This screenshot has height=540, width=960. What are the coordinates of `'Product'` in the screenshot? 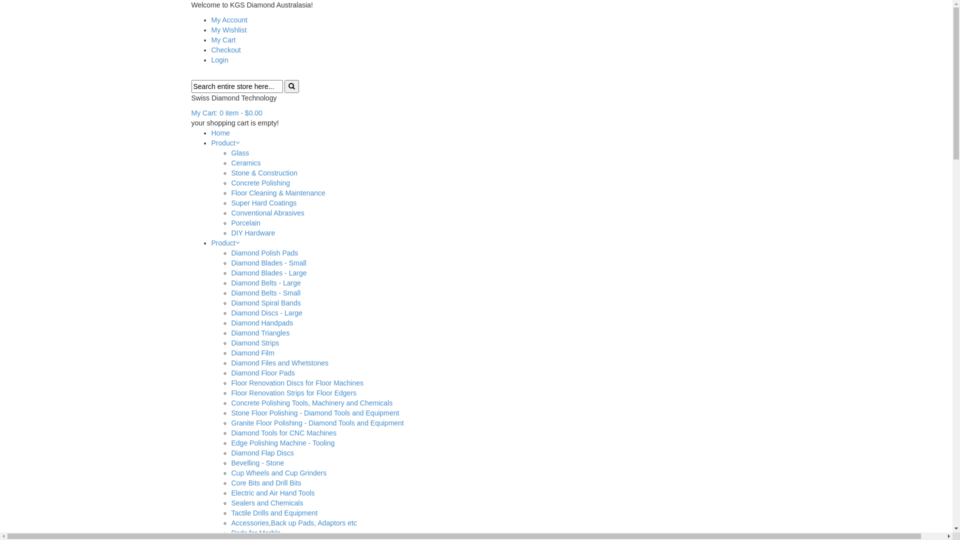 It's located at (222, 142).